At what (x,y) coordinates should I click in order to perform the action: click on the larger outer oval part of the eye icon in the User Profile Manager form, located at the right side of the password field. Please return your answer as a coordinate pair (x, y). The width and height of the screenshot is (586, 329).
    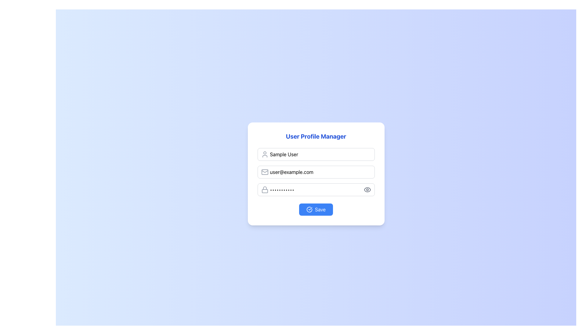
    Looking at the image, I should click on (367, 189).